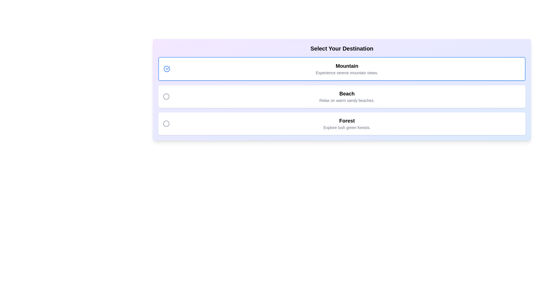 The width and height of the screenshot is (543, 305). Describe the element at coordinates (347, 123) in the screenshot. I see `the text component with the heading 'Forest' and subtitle 'Explore lush green forests'` at that location.